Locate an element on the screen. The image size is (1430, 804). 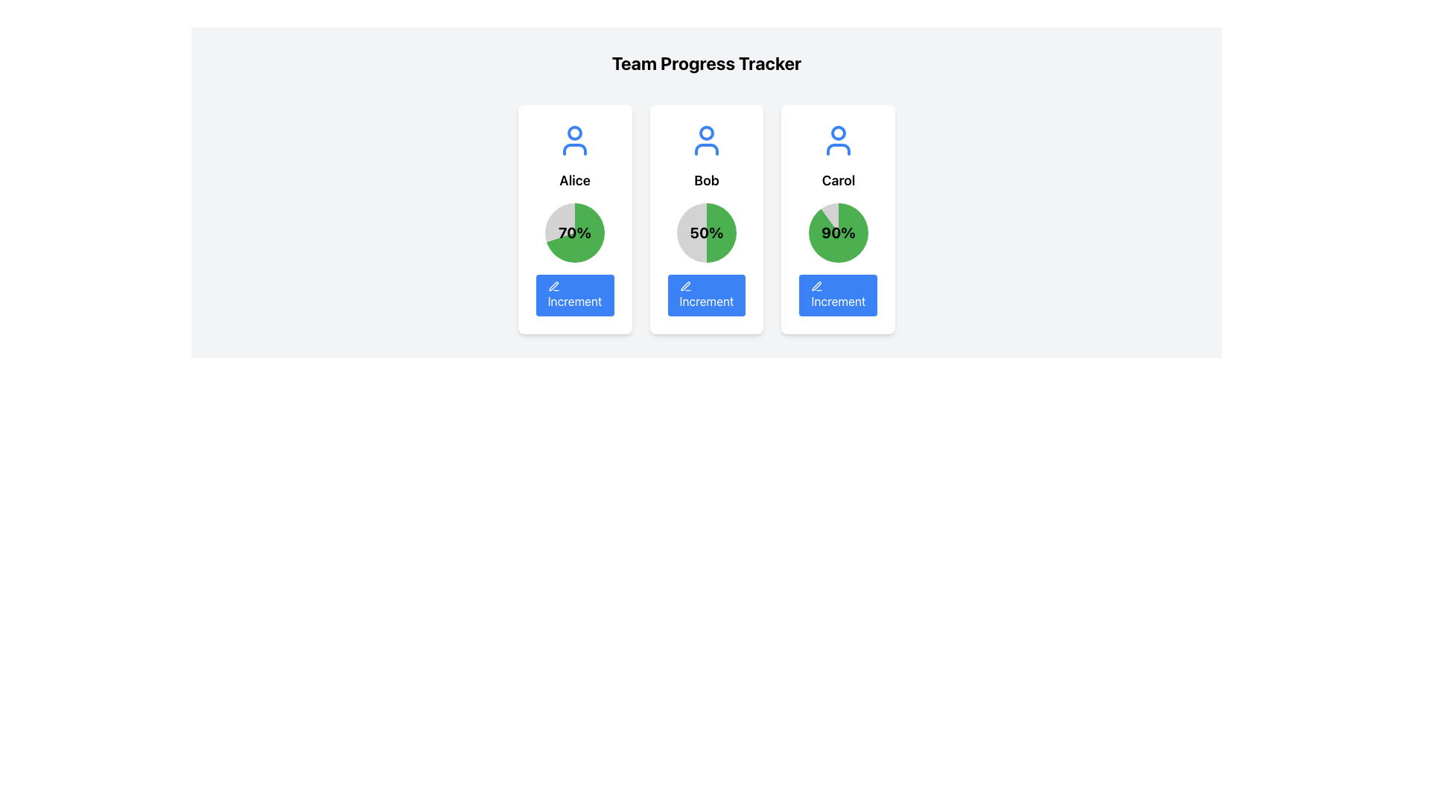
the pen icon within the increment button of the card labeled 'Carol' is located at coordinates (816, 286).